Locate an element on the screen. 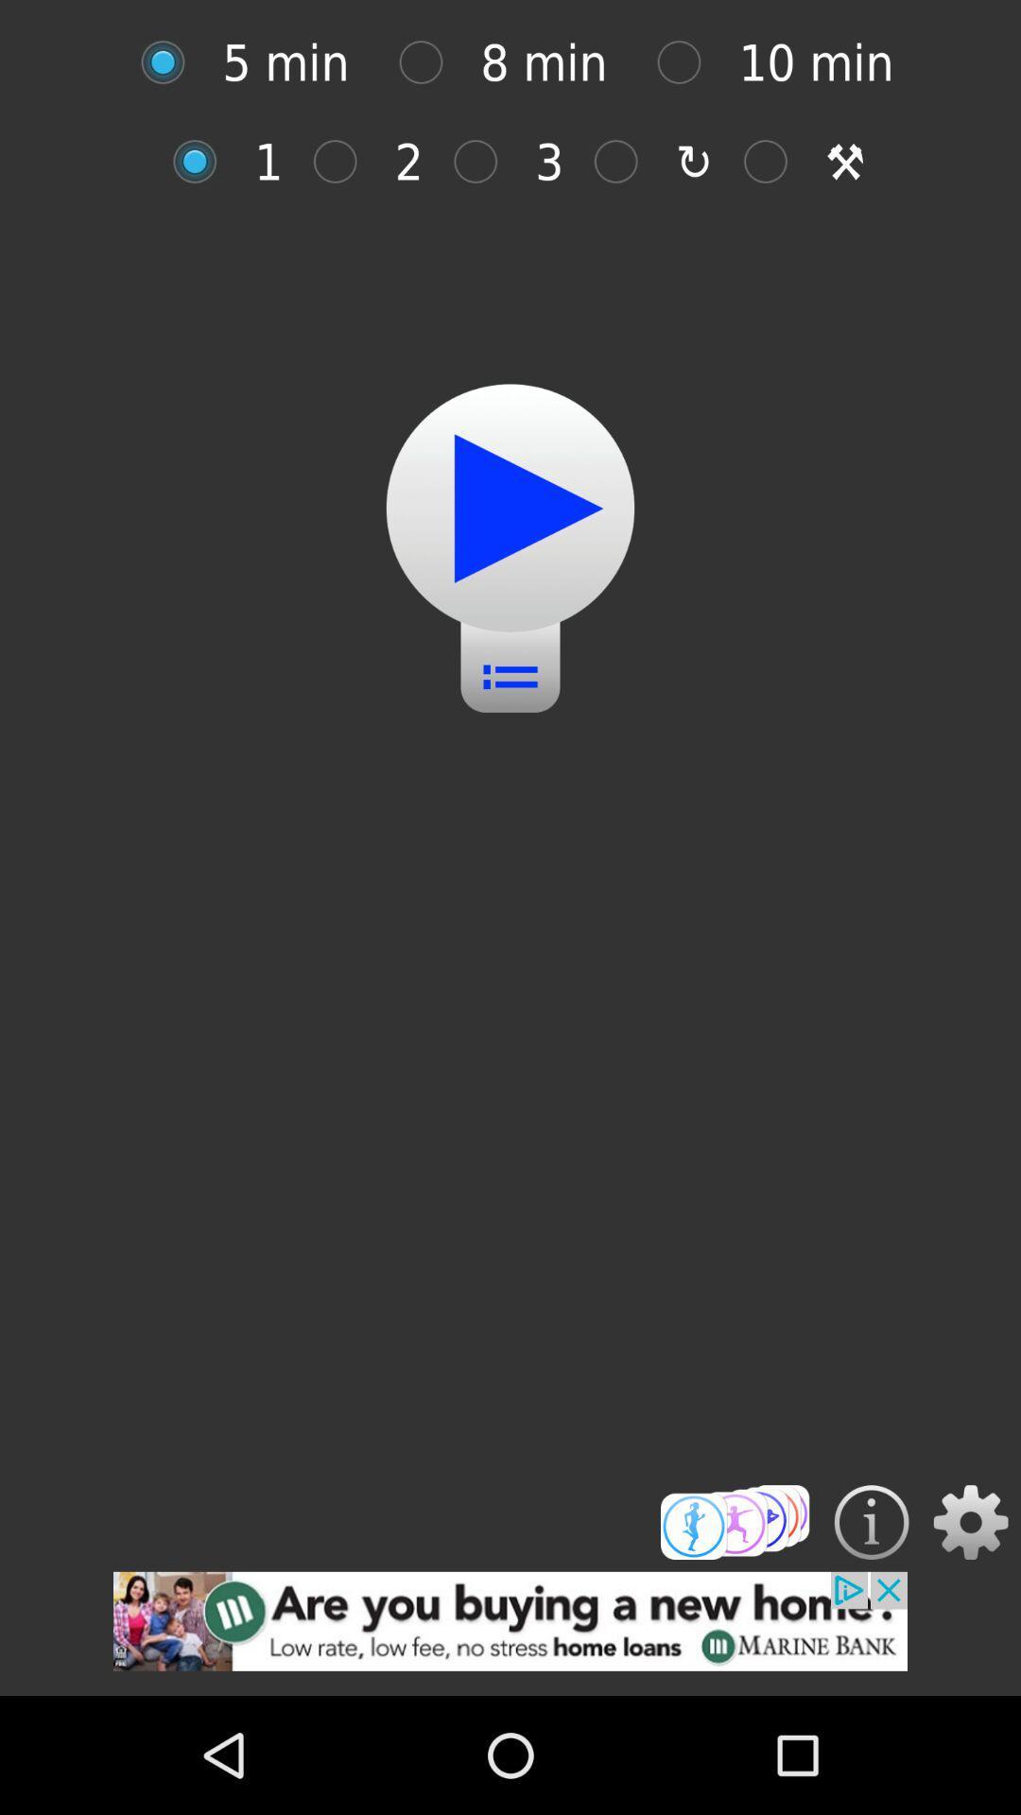 Image resolution: width=1021 pixels, height=1815 pixels. duration 10 minutes is located at coordinates (689, 62).